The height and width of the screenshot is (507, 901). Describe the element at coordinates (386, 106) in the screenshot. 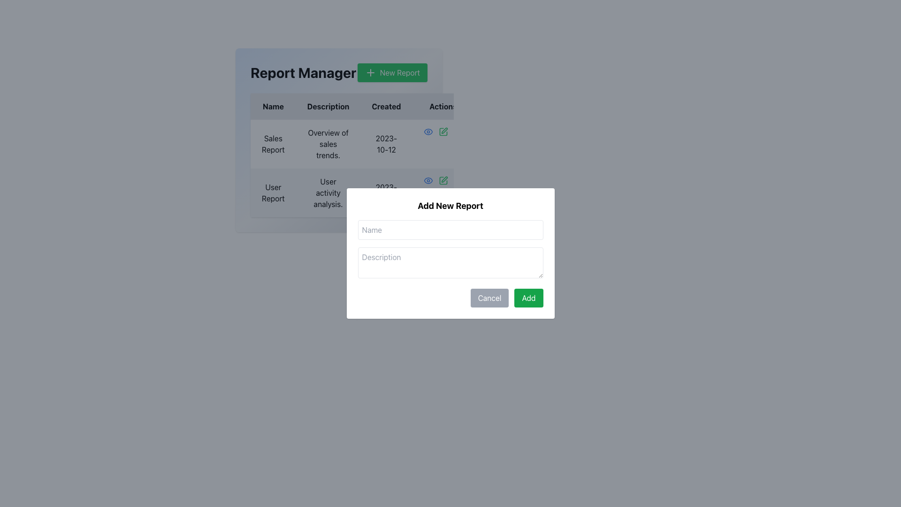

I see `the text label displaying 'Created' in bold black font, located in the third column of the table header between 'Description' and 'Actions'` at that location.